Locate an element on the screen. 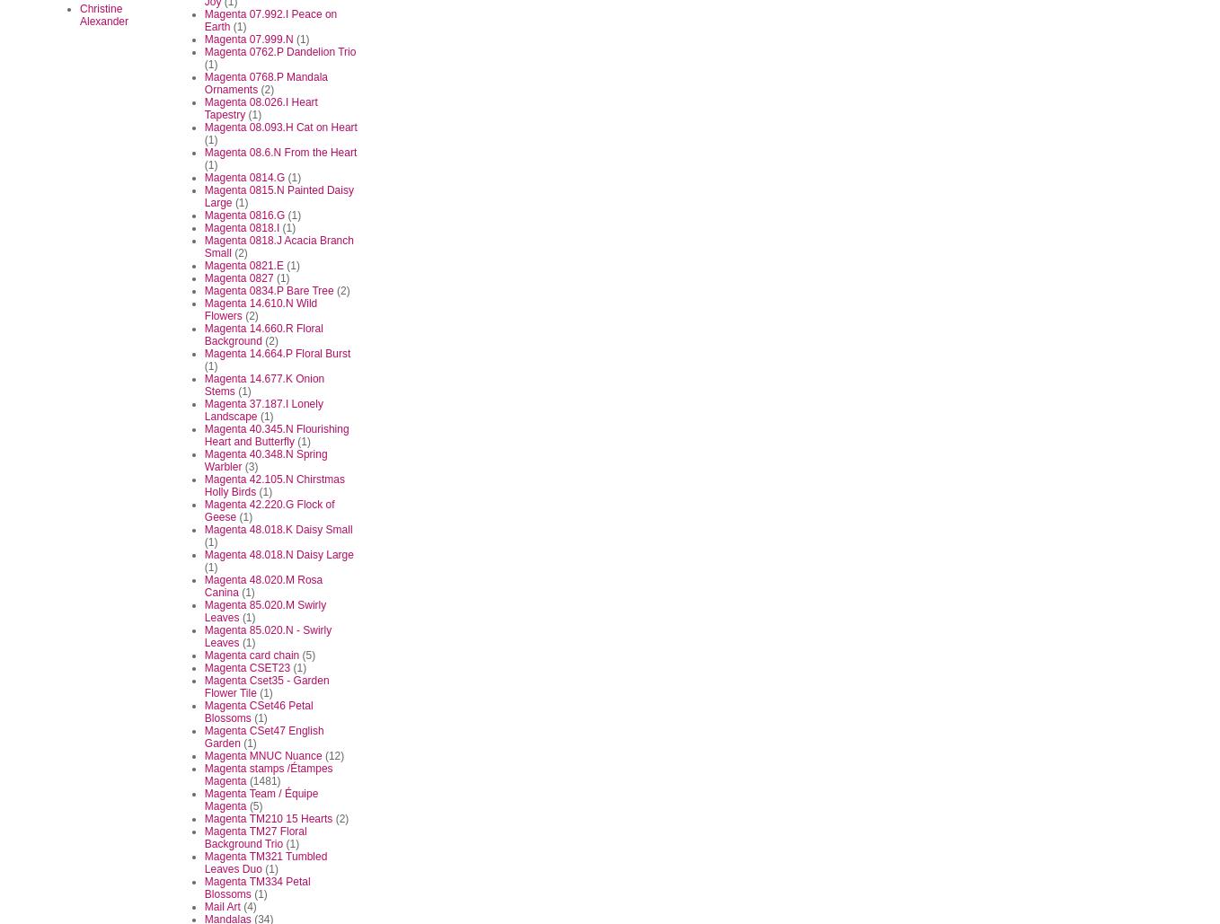 This screenshot has width=1220, height=924. 'Magenta 08.6.N From the Heart' is located at coordinates (278, 151).